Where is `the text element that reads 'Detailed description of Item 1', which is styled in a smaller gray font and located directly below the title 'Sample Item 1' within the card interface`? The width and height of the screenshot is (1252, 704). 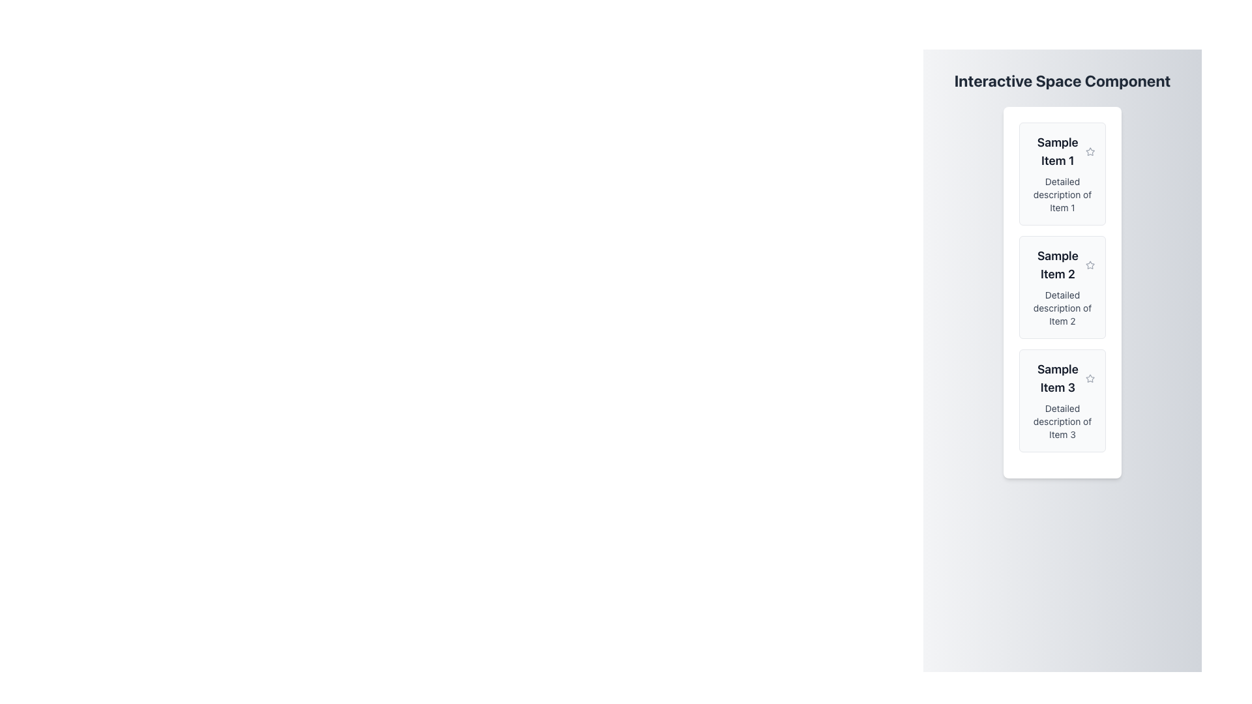
the text element that reads 'Detailed description of Item 1', which is styled in a smaller gray font and located directly below the title 'Sample Item 1' within the card interface is located at coordinates (1062, 195).